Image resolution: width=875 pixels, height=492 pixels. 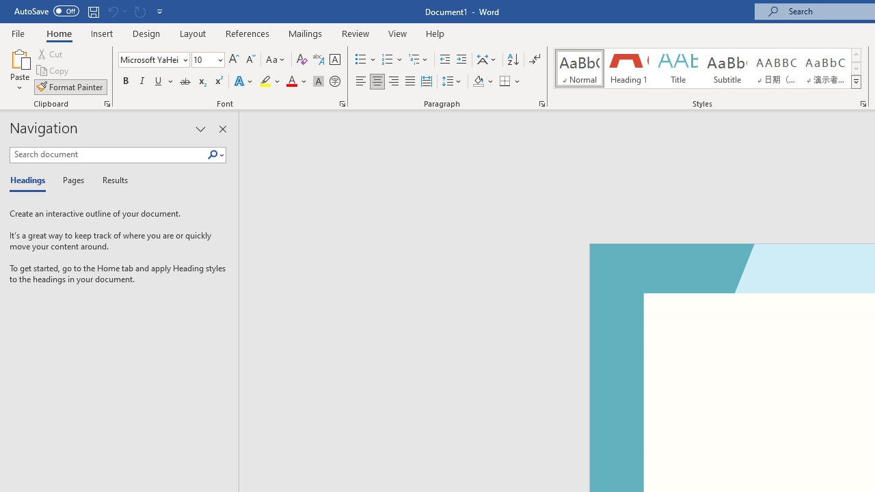 What do you see at coordinates (31, 180) in the screenshot?
I see `'Headings'` at bounding box center [31, 180].